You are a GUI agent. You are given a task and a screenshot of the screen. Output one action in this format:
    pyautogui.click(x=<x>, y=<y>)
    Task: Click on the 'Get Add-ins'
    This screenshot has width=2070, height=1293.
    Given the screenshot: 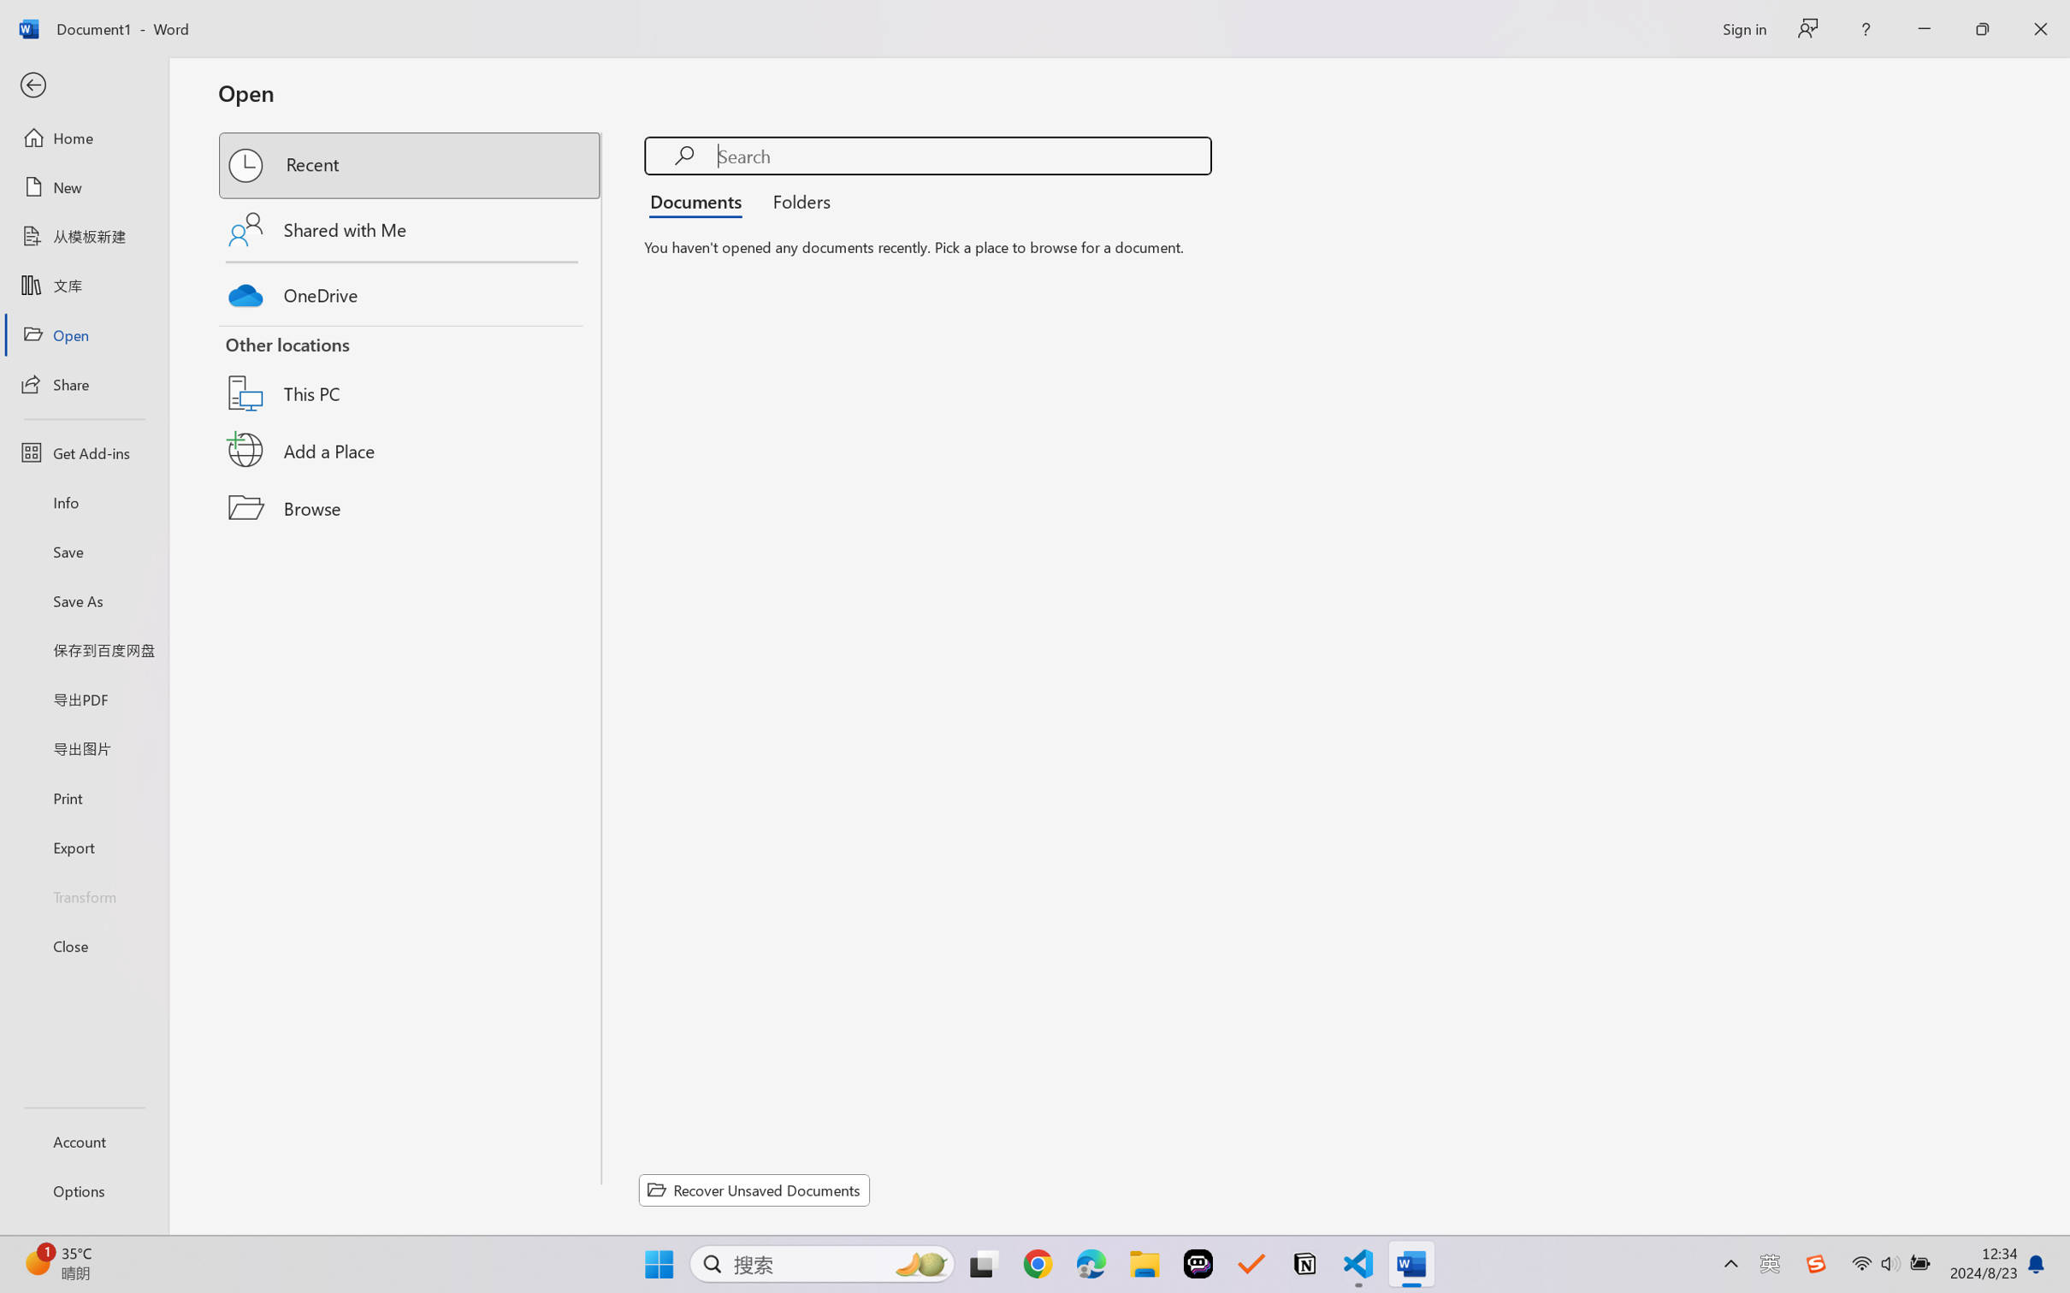 What is the action you would take?
    pyautogui.click(x=83, y=452)
    